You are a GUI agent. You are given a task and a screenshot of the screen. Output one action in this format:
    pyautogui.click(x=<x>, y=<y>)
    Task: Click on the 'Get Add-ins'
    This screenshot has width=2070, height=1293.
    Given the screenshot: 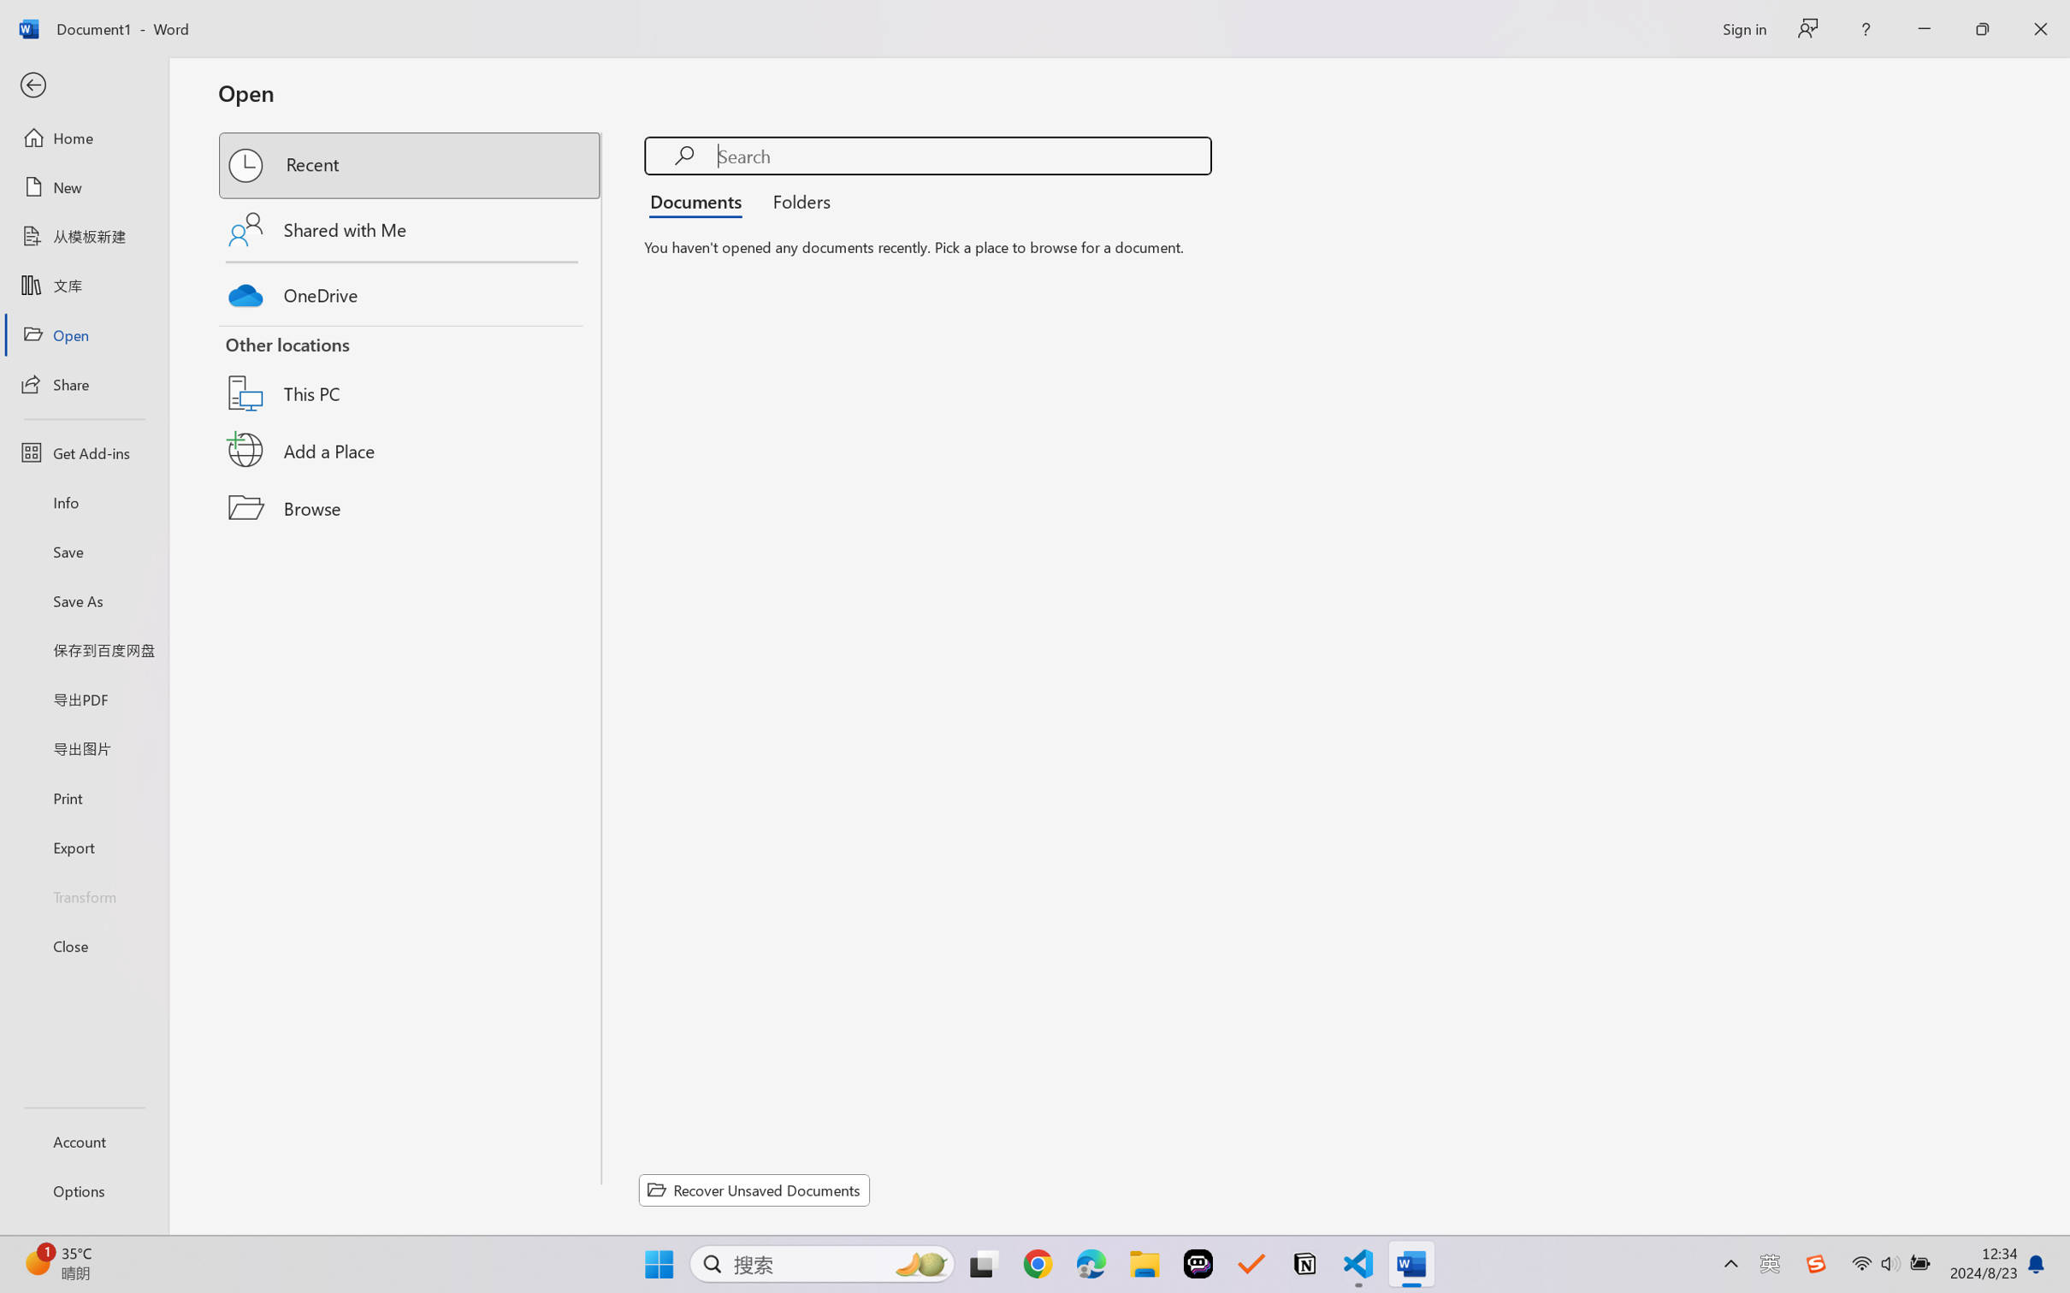 What is the action you would take?
    pyautogui.click(x=83, y=452)
    